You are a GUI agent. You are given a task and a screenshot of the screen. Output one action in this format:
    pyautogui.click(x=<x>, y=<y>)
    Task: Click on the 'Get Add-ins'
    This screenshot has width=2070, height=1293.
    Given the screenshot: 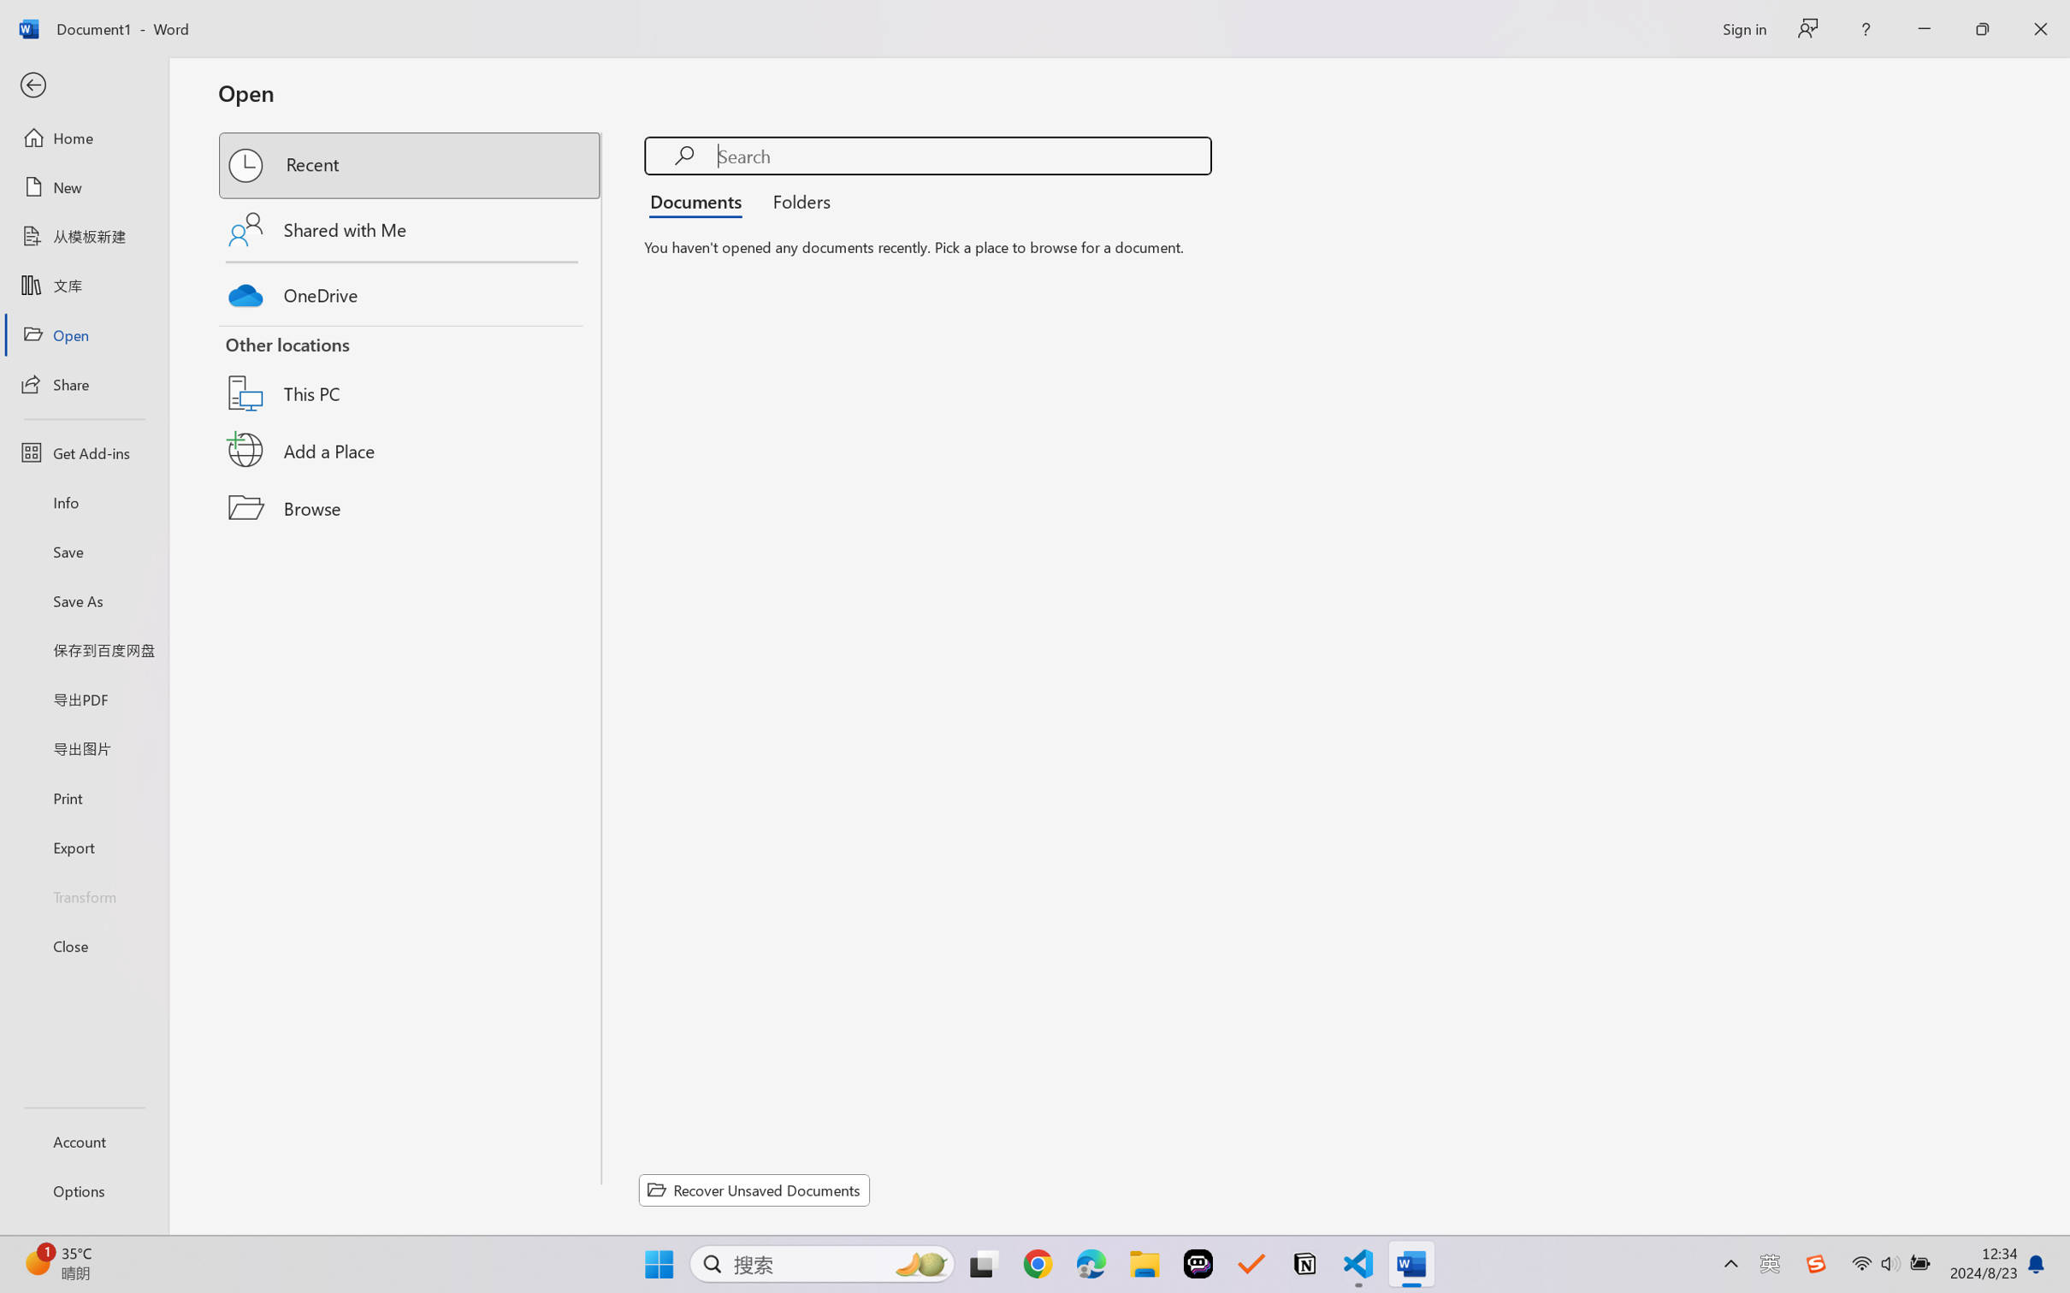 What is the action you would take?
    pyautogui.click(x=83, y=452)
    